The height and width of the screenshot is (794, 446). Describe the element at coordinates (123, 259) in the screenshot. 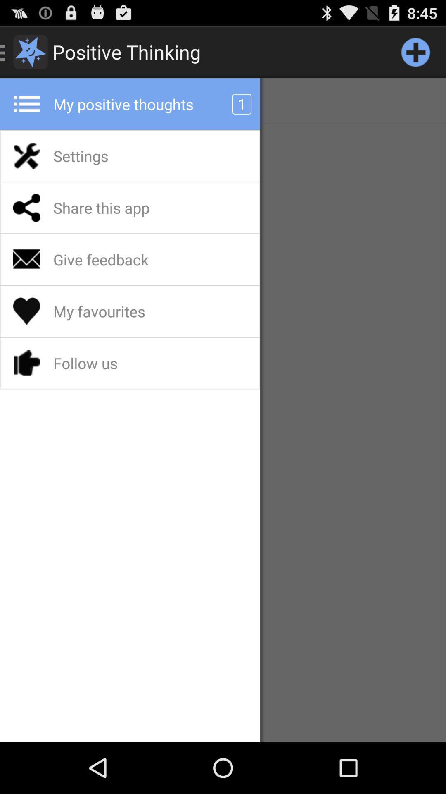

I see `the item below share this app item` at that location.